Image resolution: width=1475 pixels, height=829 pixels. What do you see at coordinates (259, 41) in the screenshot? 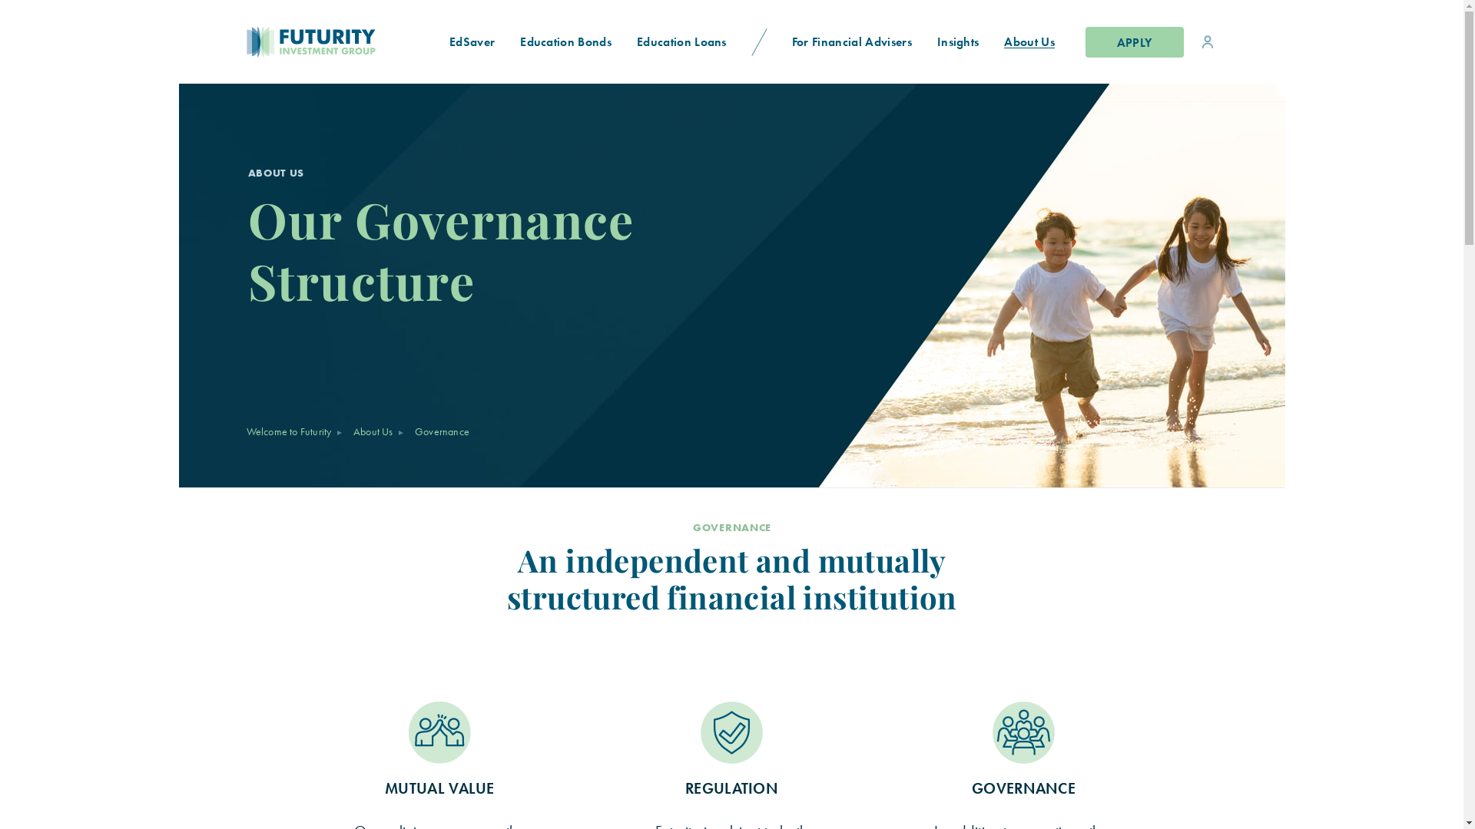
I see `'Futurity | Investment Group'` at bounding box center [259, 41].